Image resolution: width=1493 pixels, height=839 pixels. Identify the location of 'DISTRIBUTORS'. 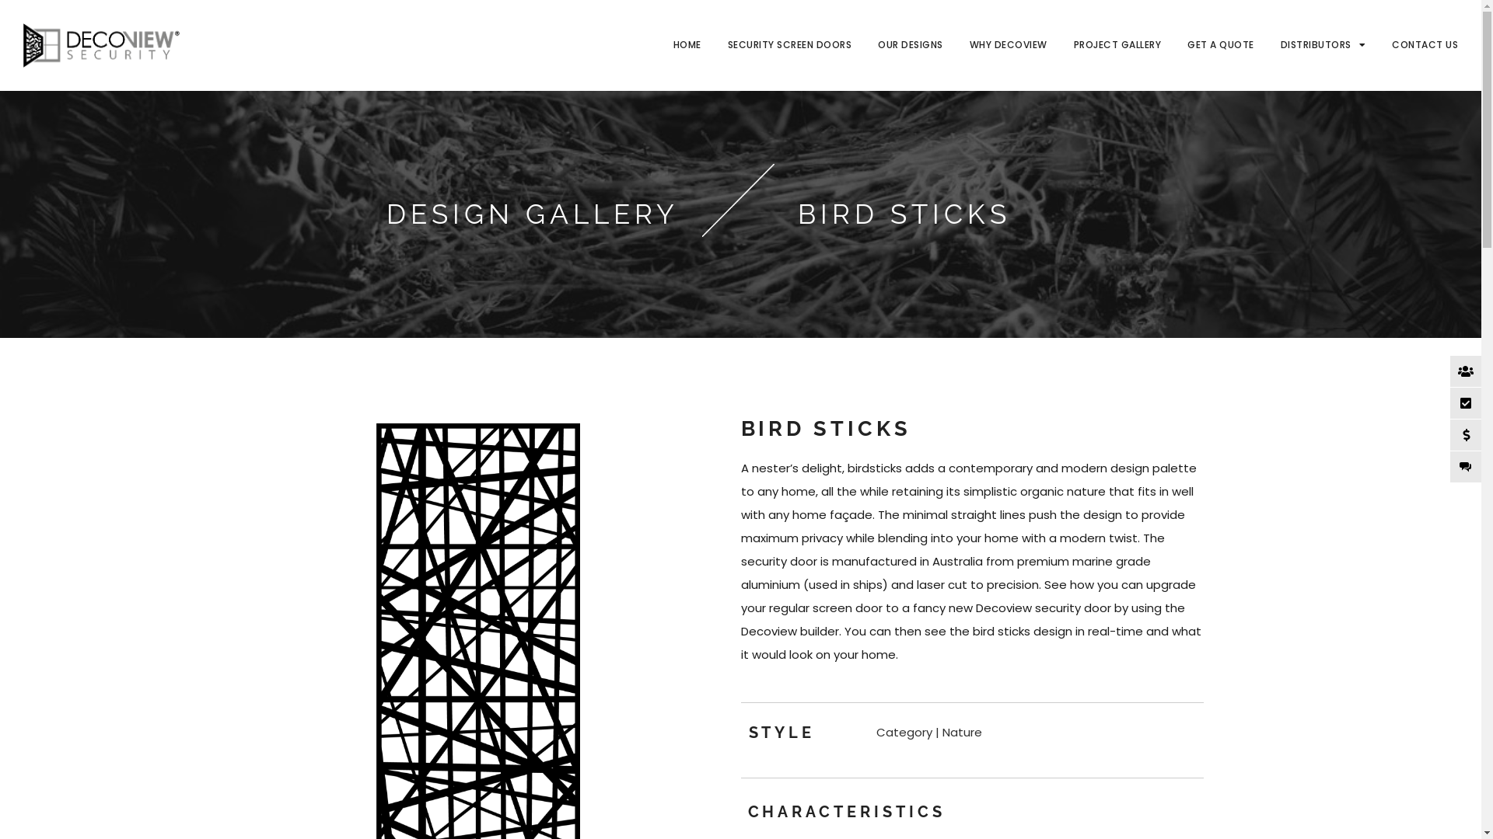
(1321, 44).